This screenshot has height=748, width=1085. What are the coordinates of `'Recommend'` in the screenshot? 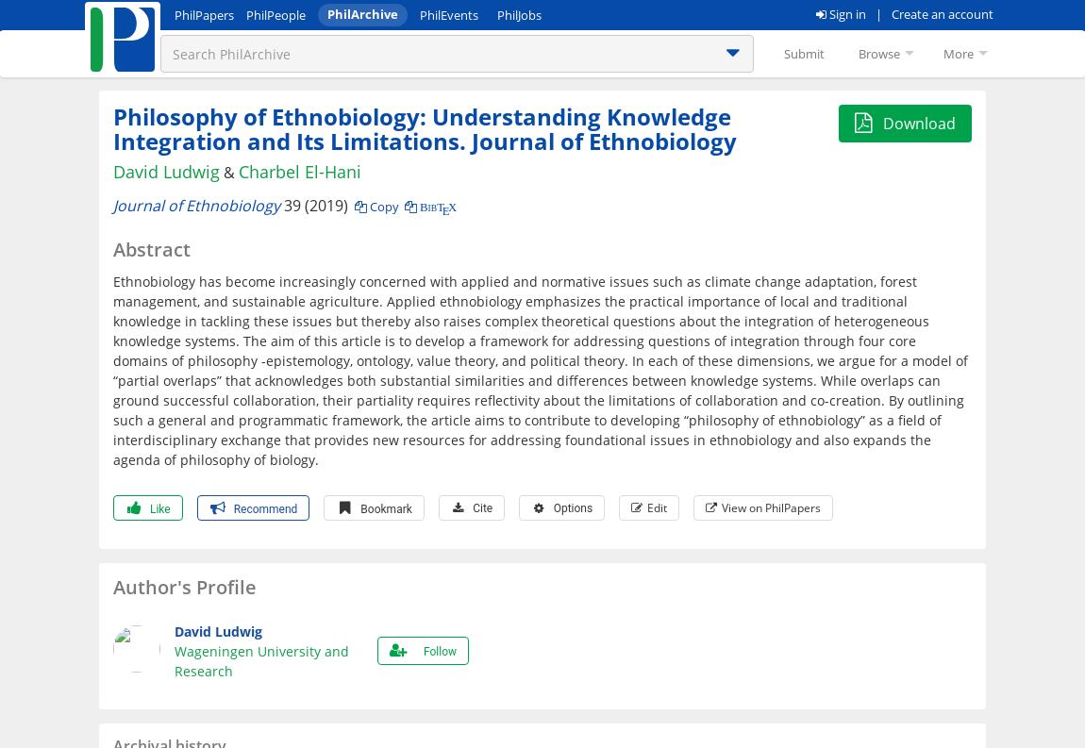 It's located at (263, 507).